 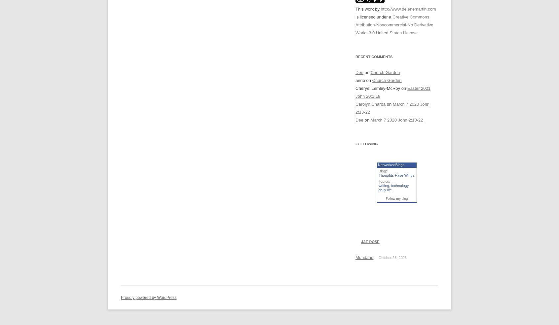 What do you see at coordinates (355, 104) in the screenshot?
I see `'Carolyn Charba'` at bounding box center [355, 104].